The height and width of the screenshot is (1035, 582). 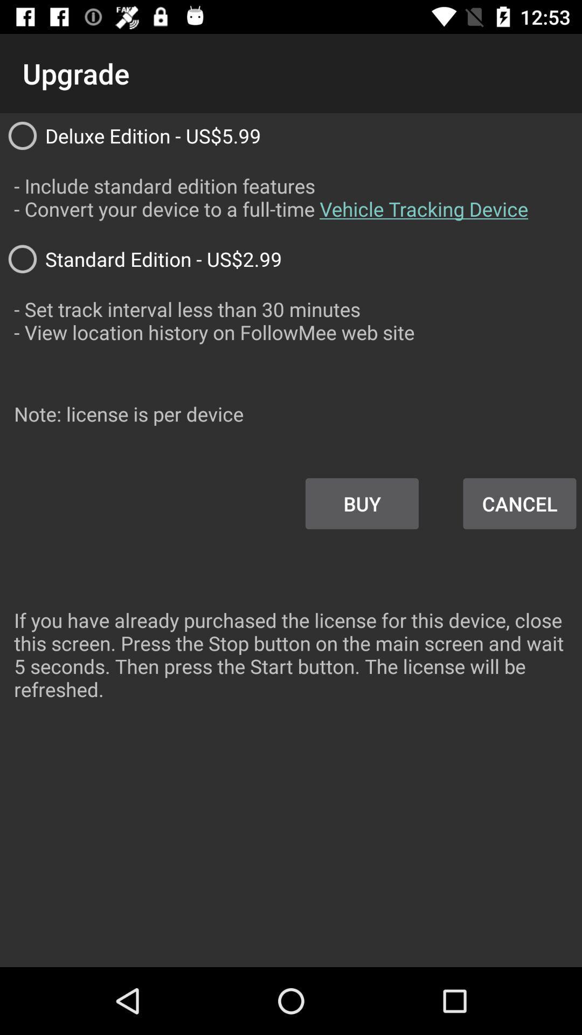 I want to click on cancel, so click(x=519, y=503).